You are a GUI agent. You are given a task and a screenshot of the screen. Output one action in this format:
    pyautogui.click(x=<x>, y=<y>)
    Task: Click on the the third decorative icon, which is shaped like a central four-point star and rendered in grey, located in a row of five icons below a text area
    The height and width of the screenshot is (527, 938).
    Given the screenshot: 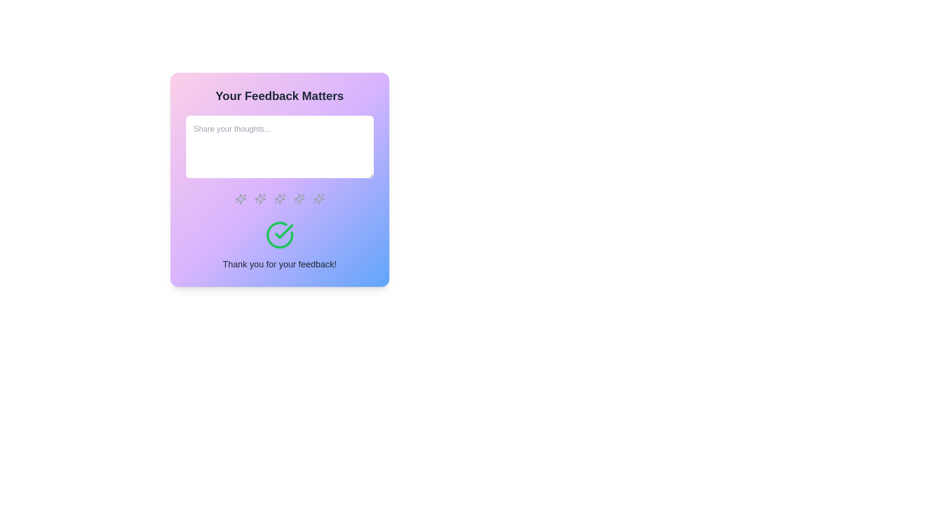 What is the action you would take?
    pyautogui.click(x=279, y=199)
    